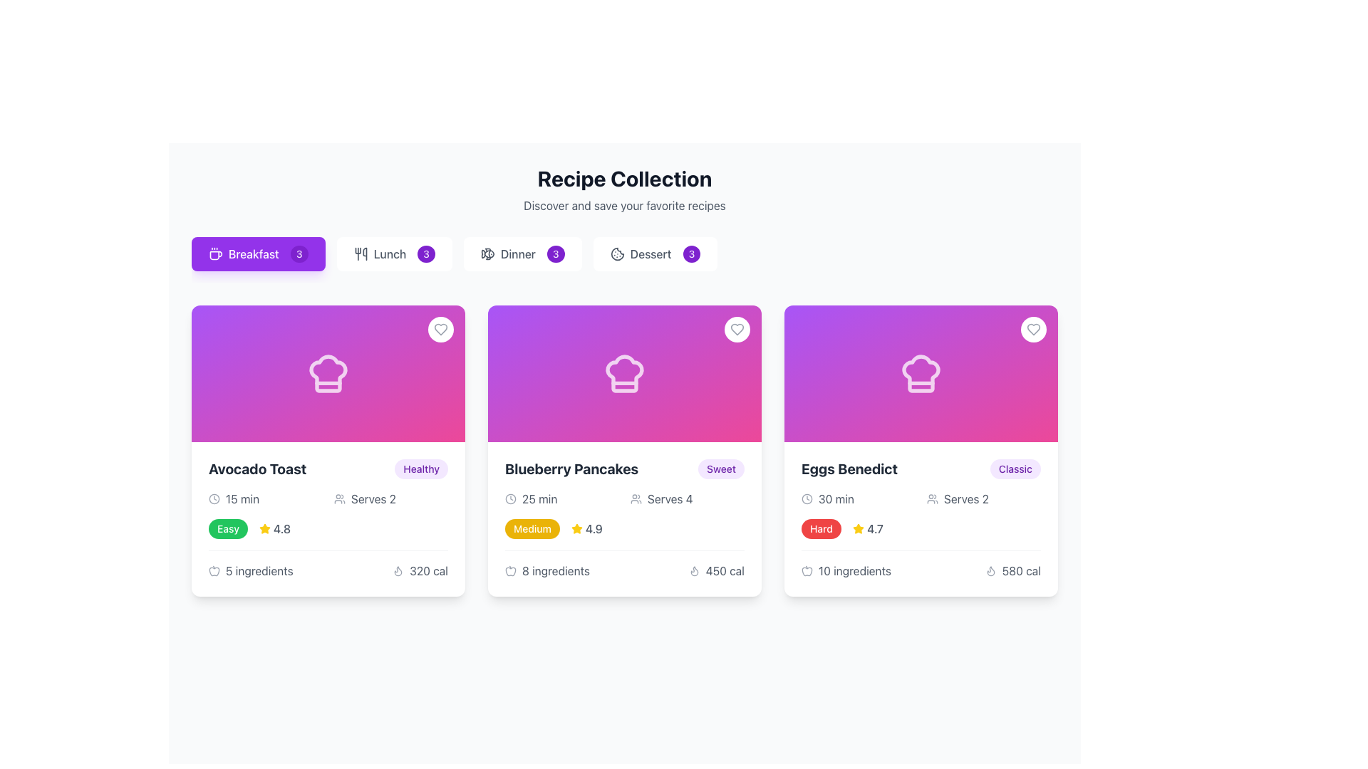 This screenshot has width=1368, height=769. Describe the element at coordinates (1015, 469) in the screenshot. I see `text content of the label identifying the 'Eggs Benedict' dish as 'Classic', located in the top-right corner of the 'Eggs Benedict' card in the rightmost column of a three-column grid` at that location.